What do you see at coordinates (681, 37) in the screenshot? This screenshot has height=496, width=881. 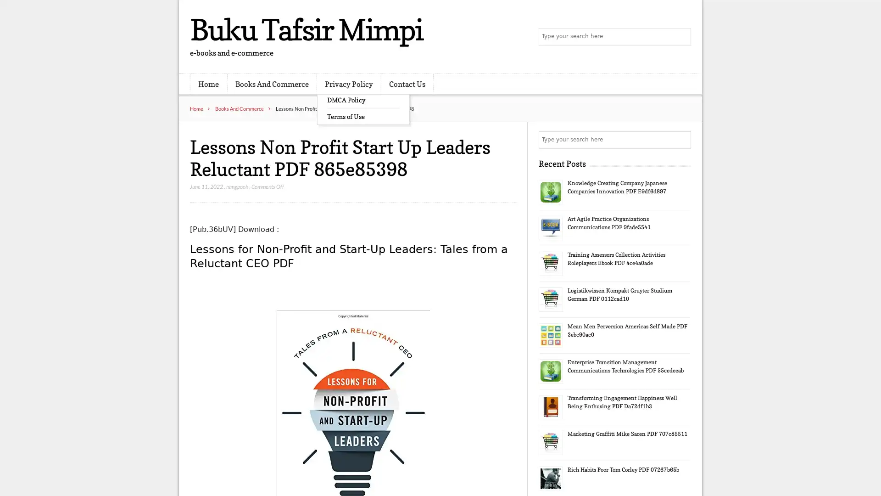 I see `Search` at bounding box center [681, 37].